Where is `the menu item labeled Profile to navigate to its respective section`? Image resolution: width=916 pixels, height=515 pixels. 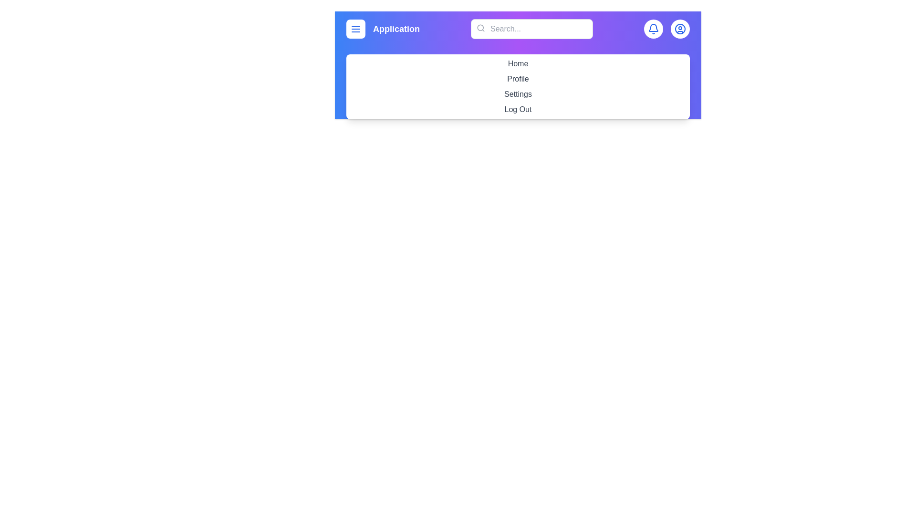 the menu item labeled Profile to navigate to its respective section is located at coordinates (517, 78).